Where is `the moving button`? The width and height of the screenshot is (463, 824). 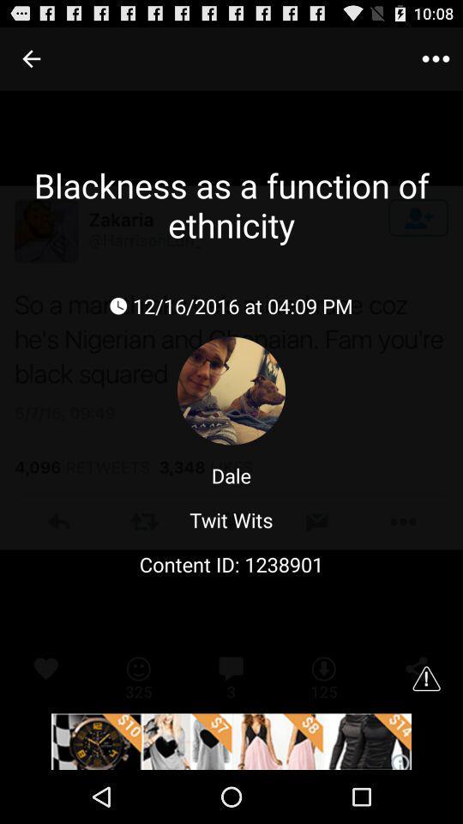
the moving button is located at coordinates (231, 741).